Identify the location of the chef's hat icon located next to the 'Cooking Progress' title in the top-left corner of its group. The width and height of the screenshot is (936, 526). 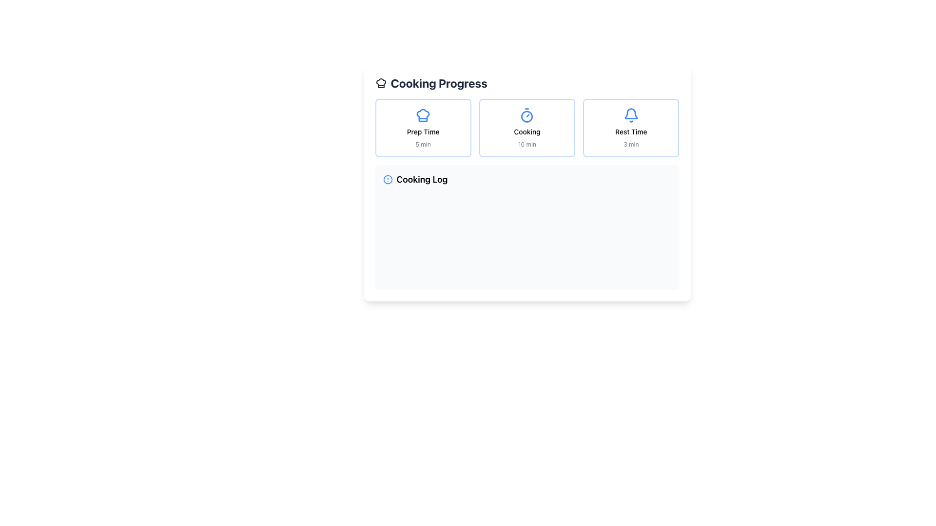
(380, 82).